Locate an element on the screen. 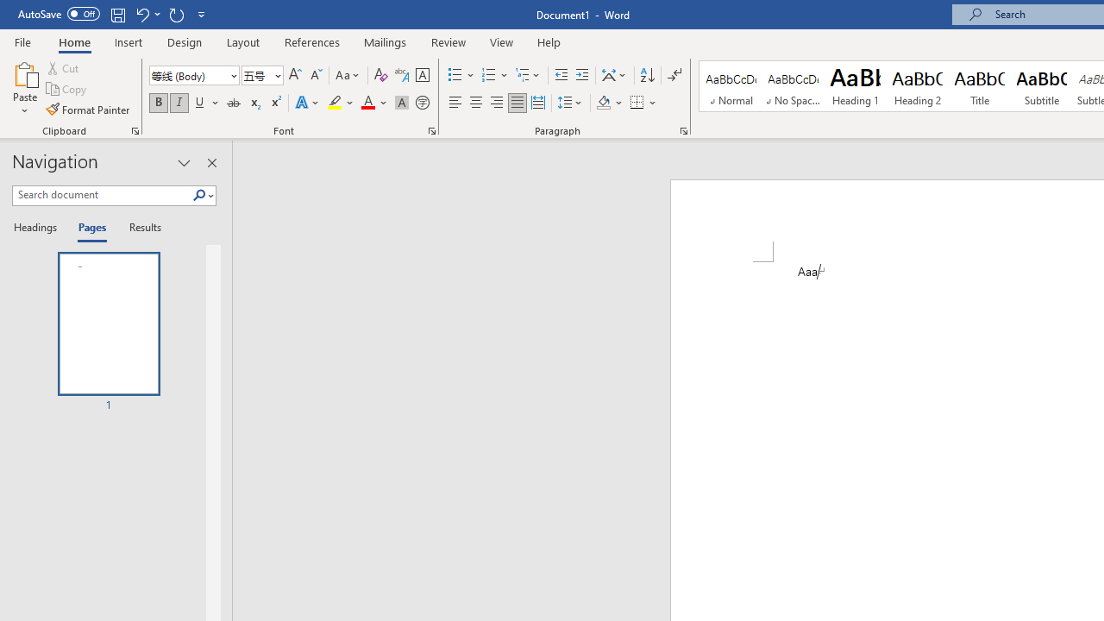  'Font Color Red' is located at coordinates (367, 103).